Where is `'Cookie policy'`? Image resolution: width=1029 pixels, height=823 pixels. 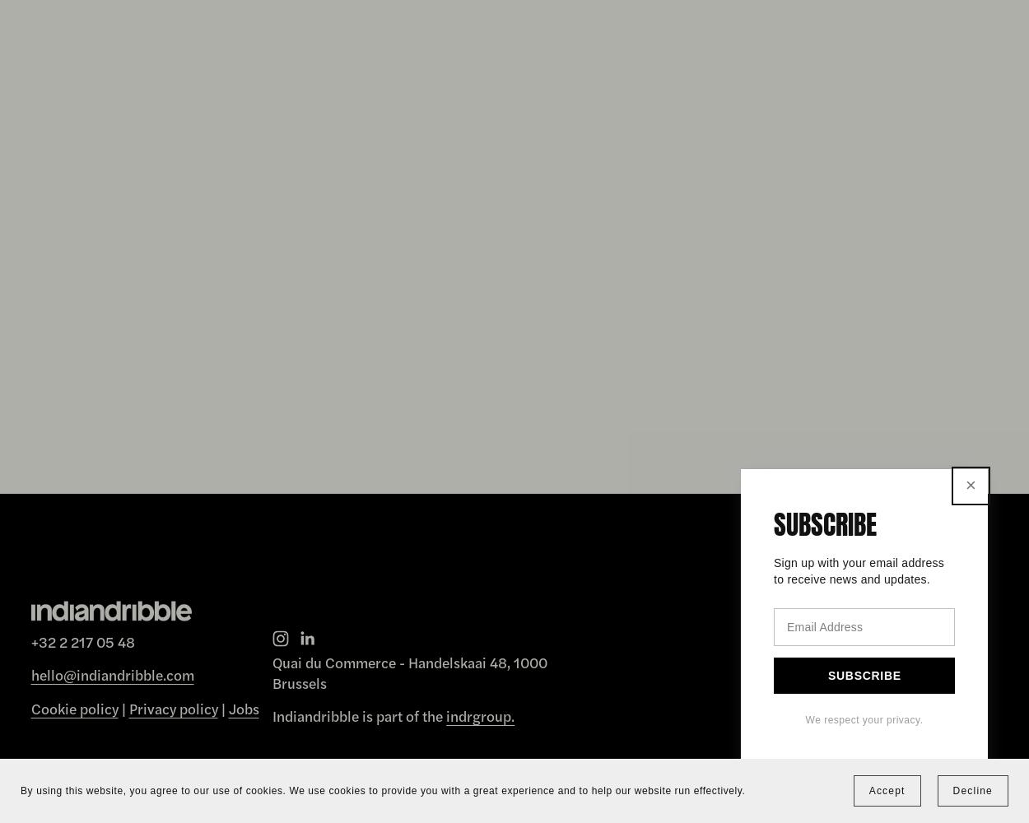
'Cookie policy' is located at coordinates (73, 706).